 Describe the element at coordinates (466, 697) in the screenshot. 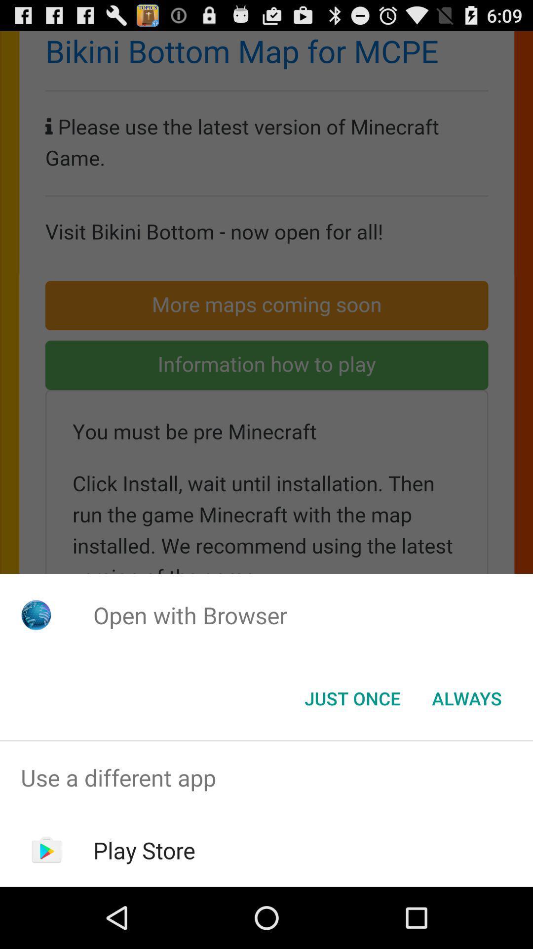

I see `icon to the right of just once item` at that location.